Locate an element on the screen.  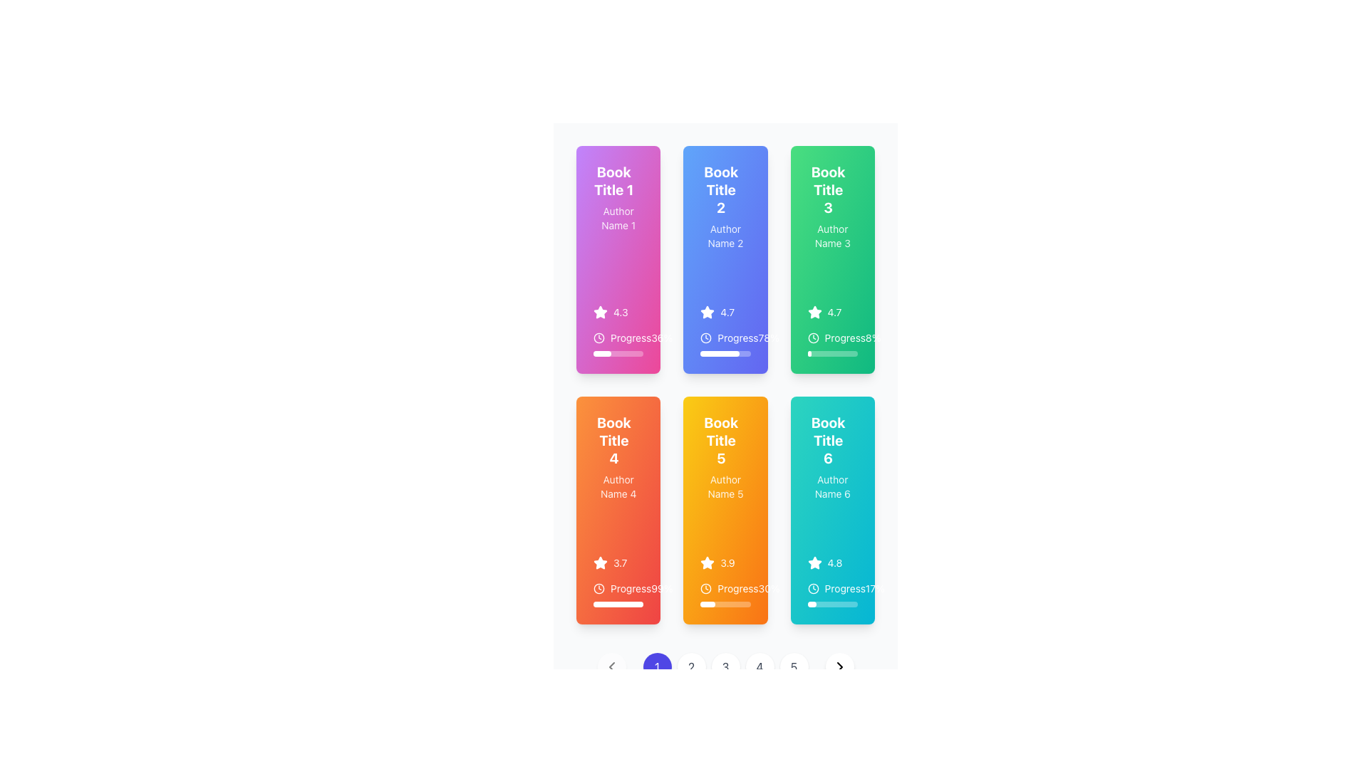
the Rating display, which consists of a white star icon and the text '4.8' in small white font, located centrally above the 'Progress' section in the 'Book Title 6' card is located at coordinates (832, 562).